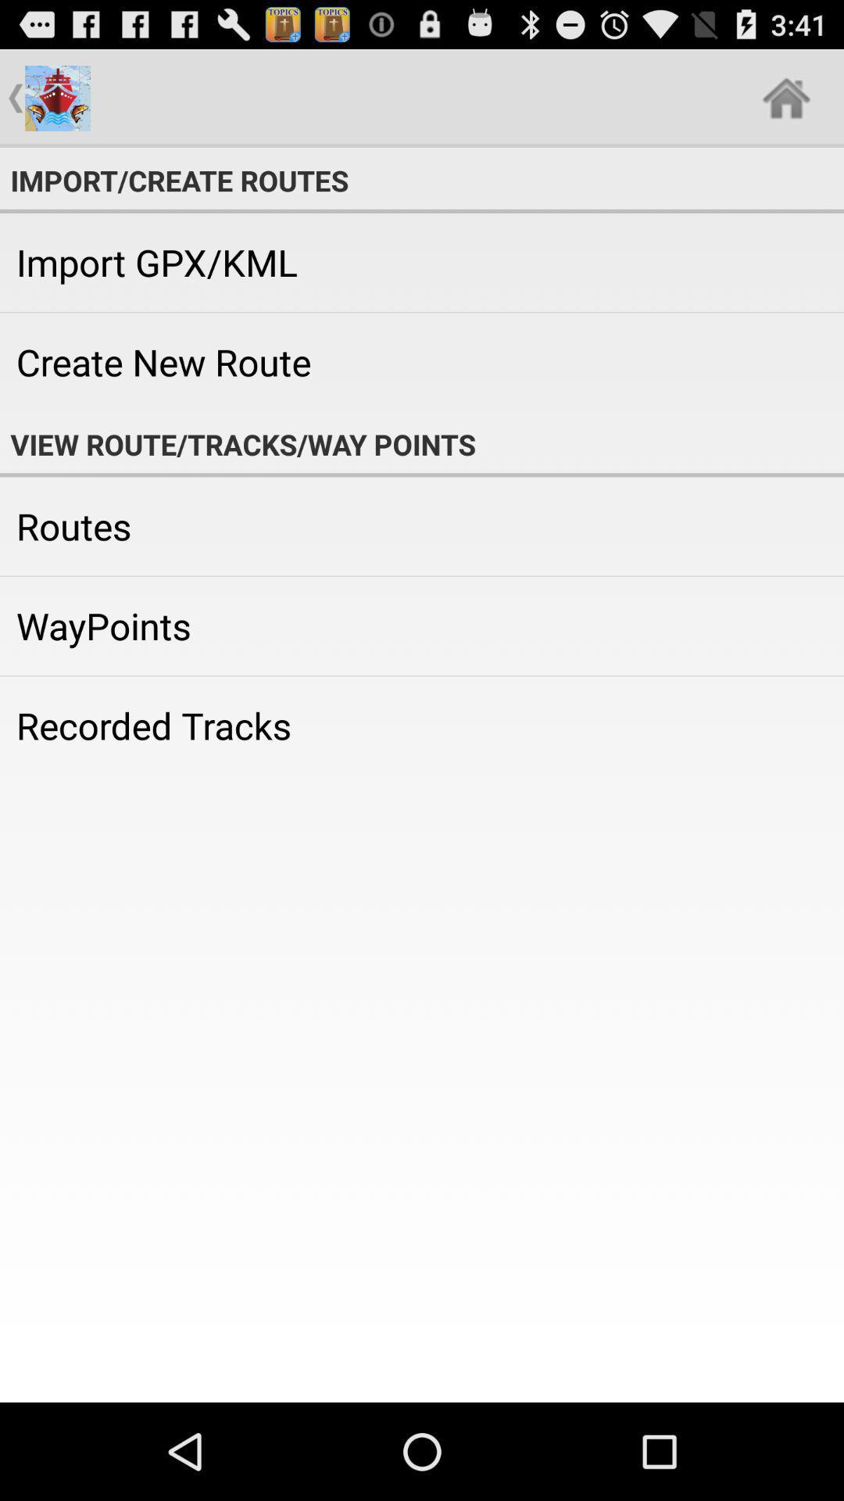 The width and height of the screenshot is (844, 1501). I want to click on recorded tracks item, so click(422, 725).